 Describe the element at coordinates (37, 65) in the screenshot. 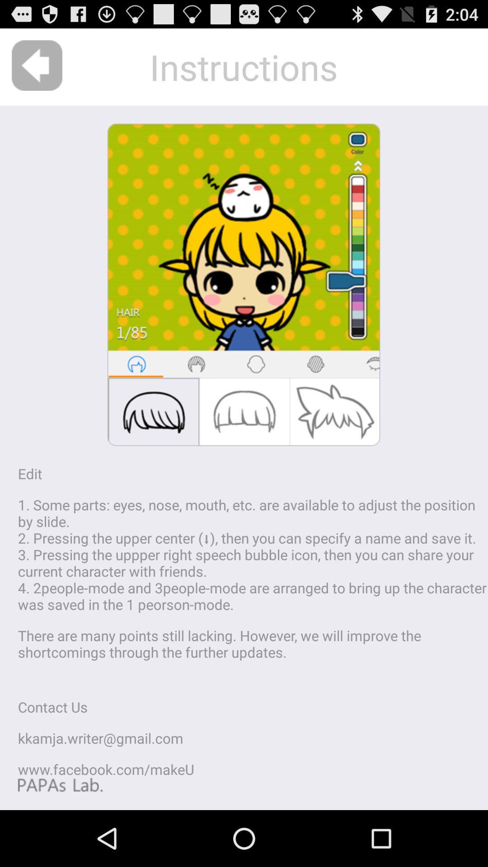

I see `the item next to instructions` at that location.